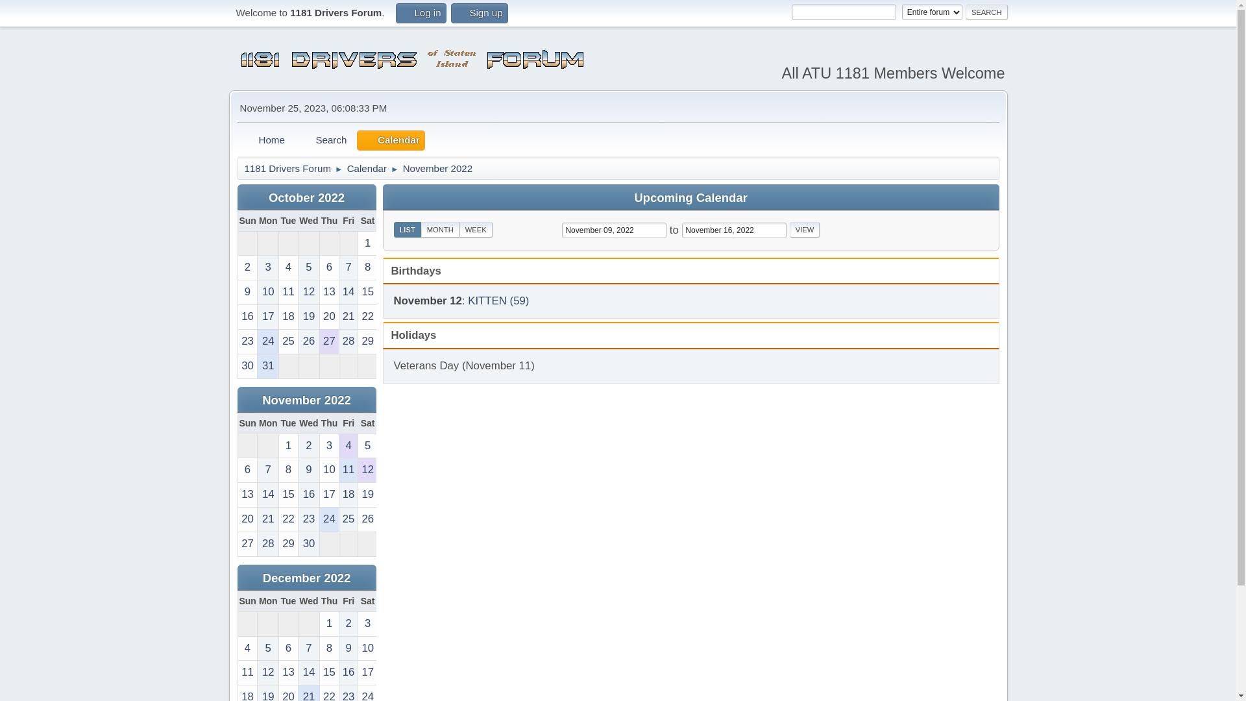 This screenshot has height=701, width=1246. What do you see at coordinates (247, 648) in the screenshot?
I see `'4'` at bounding box center [247, 648].